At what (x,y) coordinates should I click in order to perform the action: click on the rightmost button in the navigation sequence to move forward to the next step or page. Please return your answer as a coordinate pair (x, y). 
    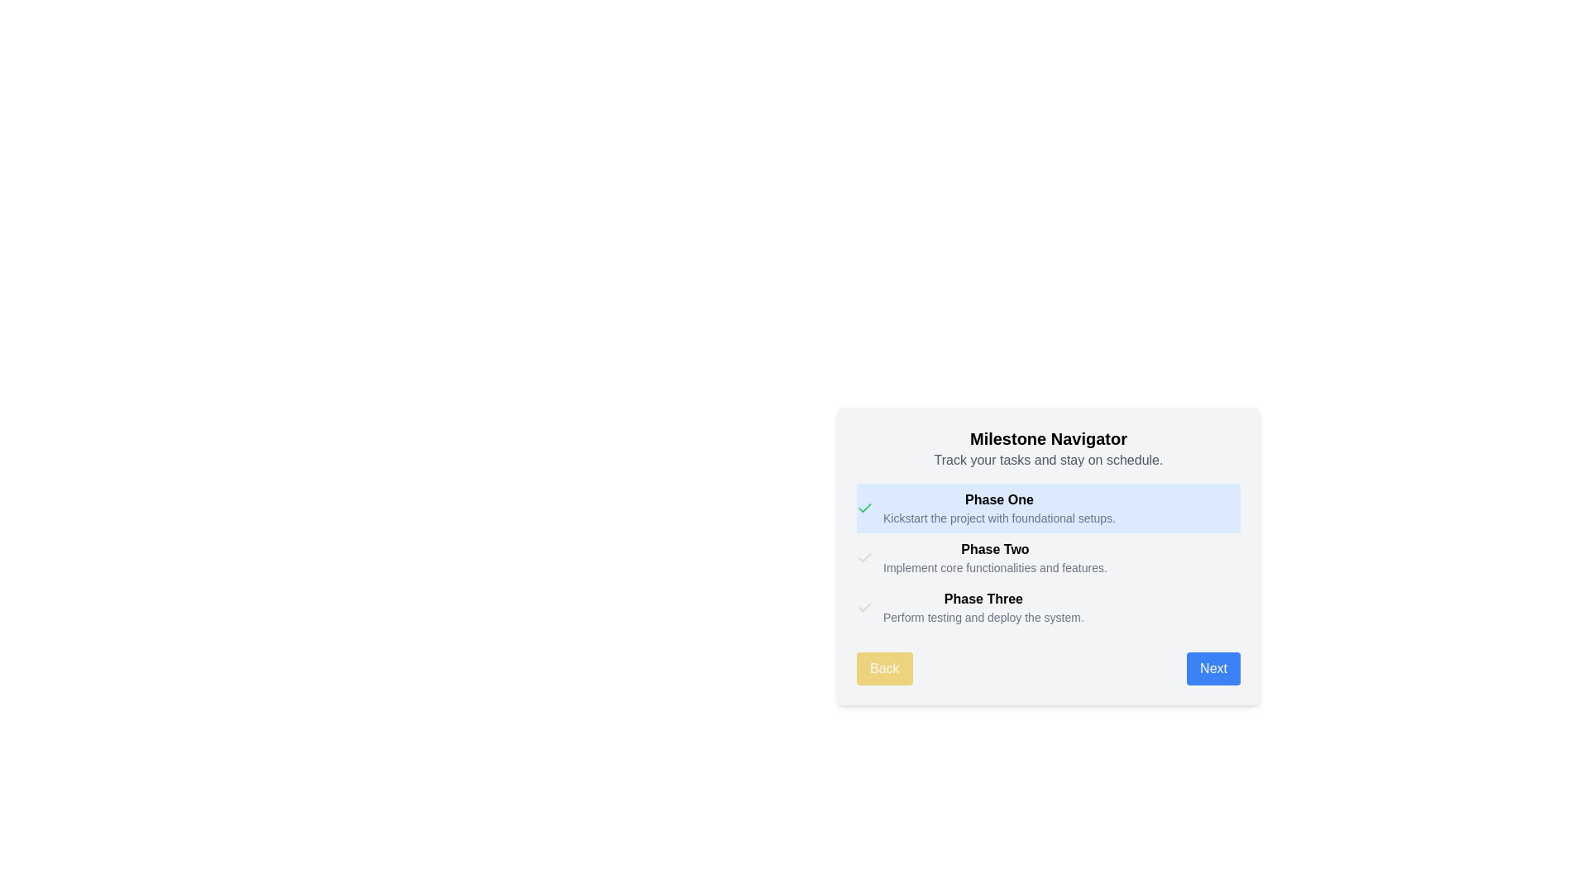
    Looking at the image, I should click on (1213, 668).